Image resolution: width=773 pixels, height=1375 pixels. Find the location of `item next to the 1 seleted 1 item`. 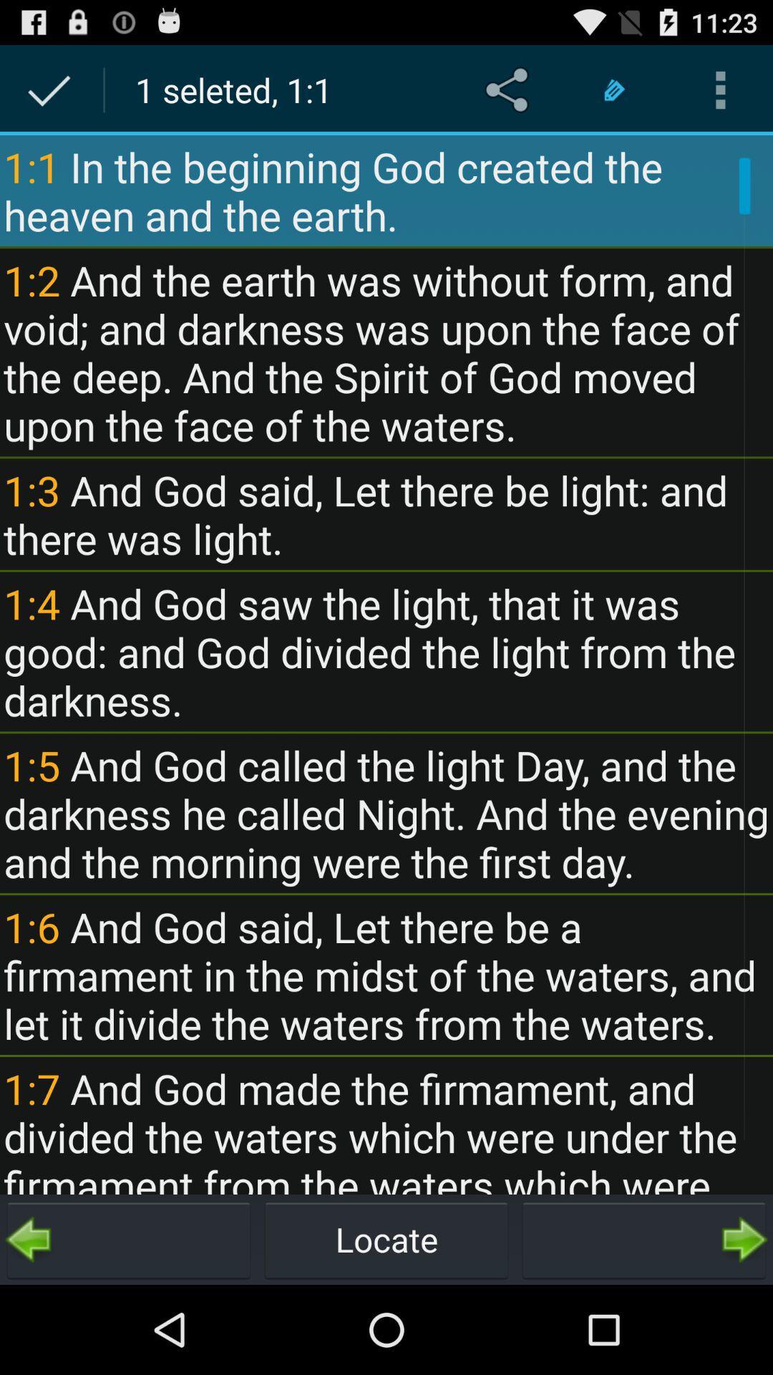

item next to the 1 seleted 1 item is located at coordinates (509, 89).